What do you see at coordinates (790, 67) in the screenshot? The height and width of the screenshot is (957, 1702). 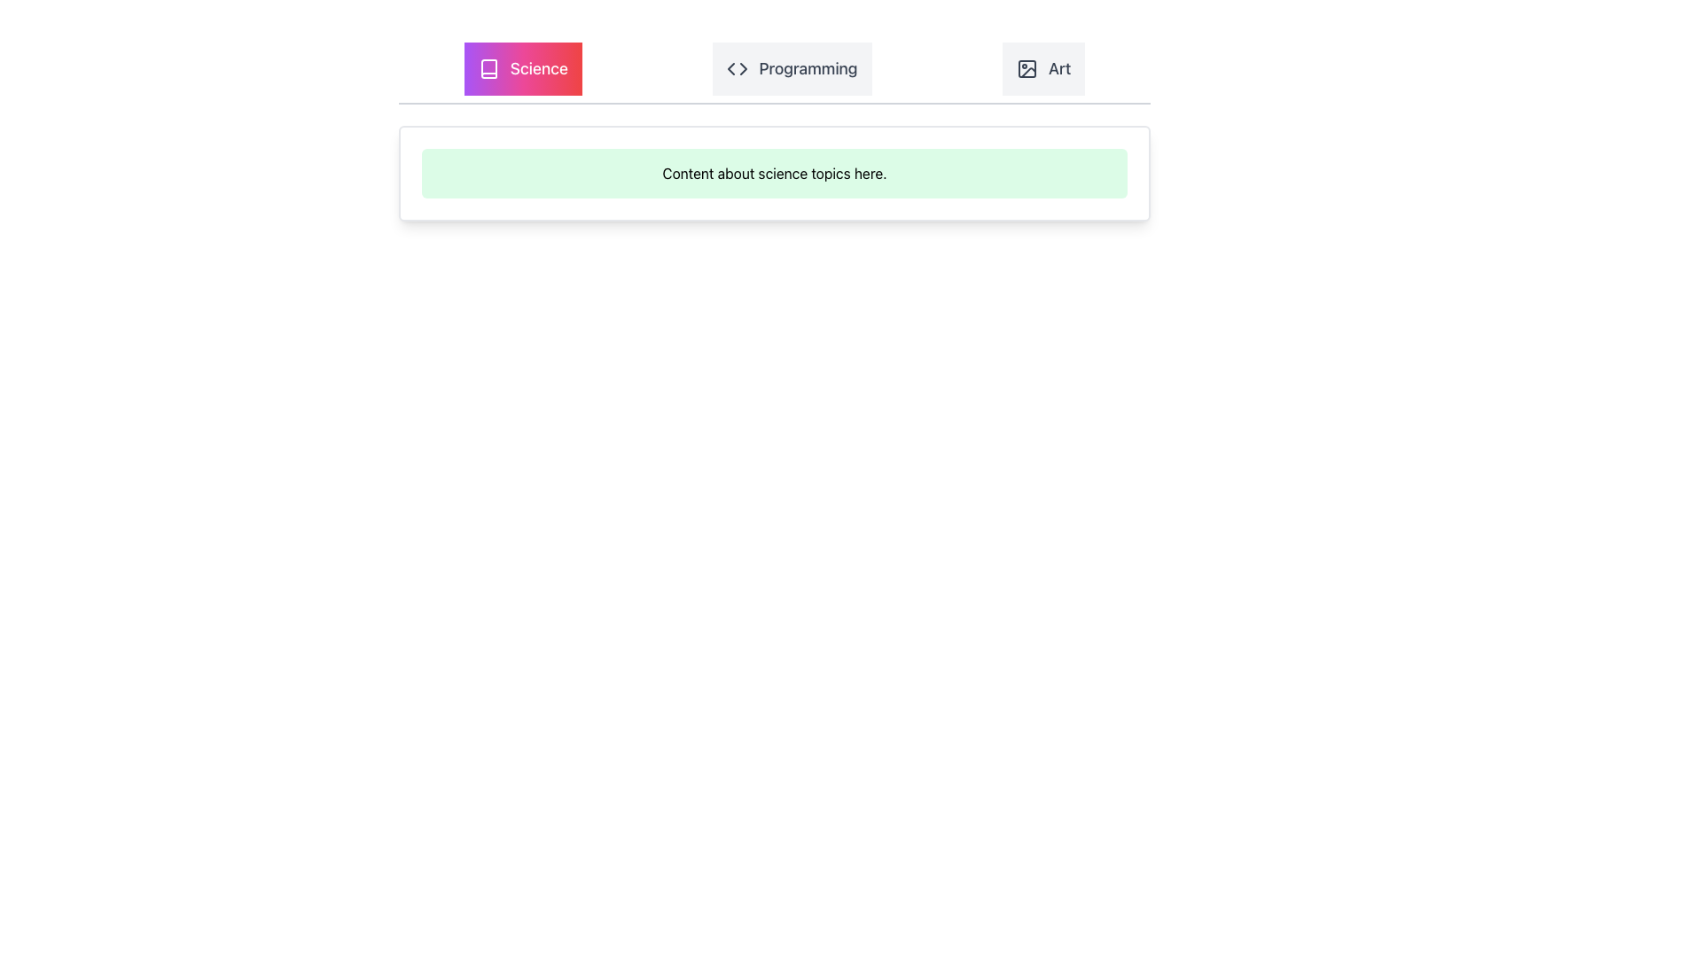 I see `the 'Programming' tab button, which features the text 'Programming' and a coding icon` at bounding box center [790, 67].